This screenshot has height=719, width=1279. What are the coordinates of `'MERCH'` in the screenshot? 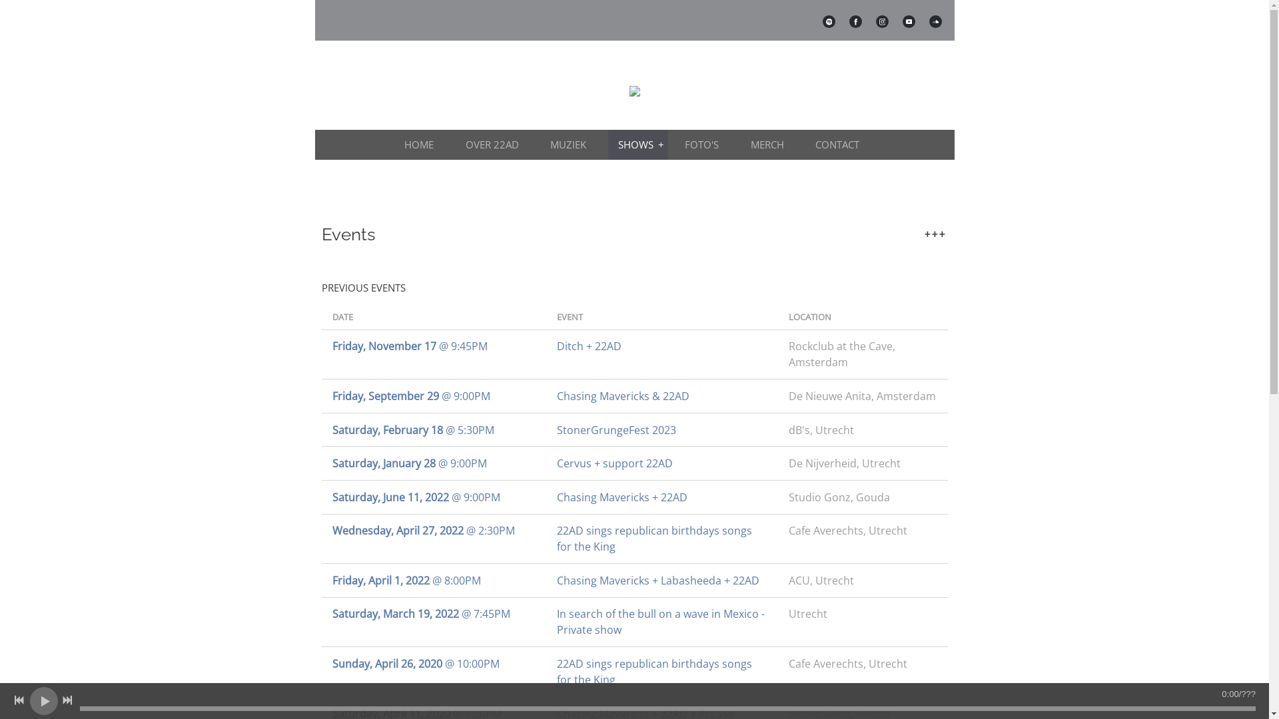 It's located at (770, 144).